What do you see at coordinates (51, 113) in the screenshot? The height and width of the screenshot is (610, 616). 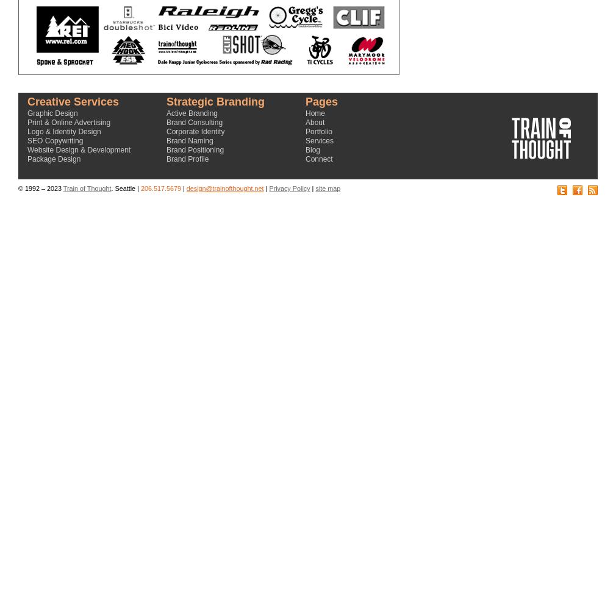 I see `'Graphic Design'` at bounding box center [51, 113].